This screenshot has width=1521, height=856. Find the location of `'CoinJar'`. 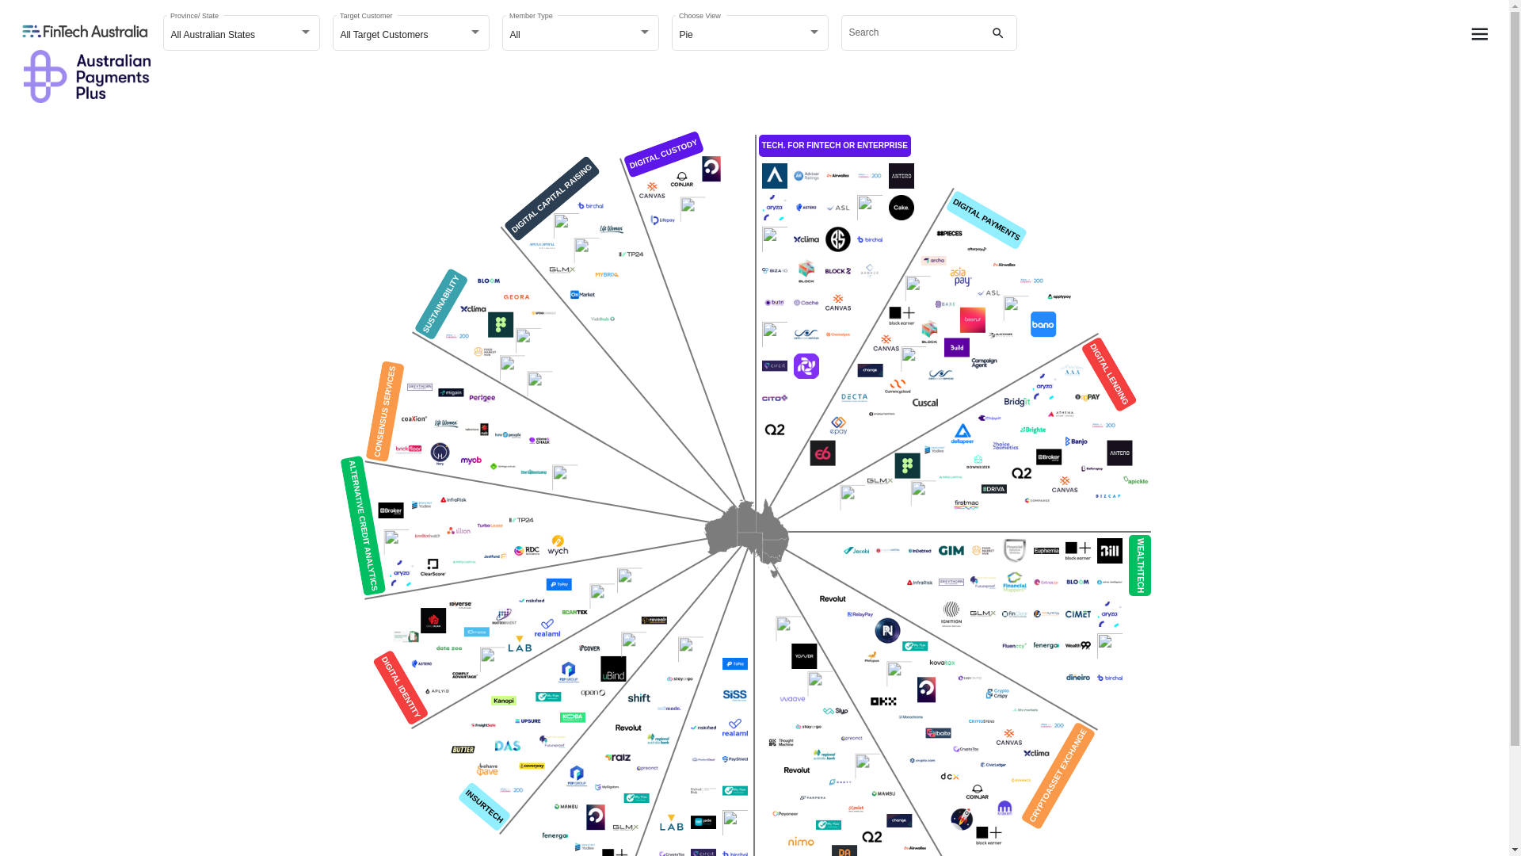

'CoinJar' is located at coordinates (680, 179).